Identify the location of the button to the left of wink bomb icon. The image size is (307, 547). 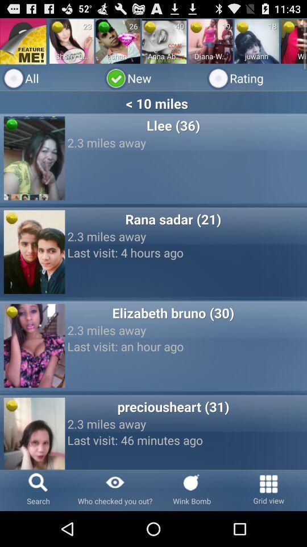
(115, 489).